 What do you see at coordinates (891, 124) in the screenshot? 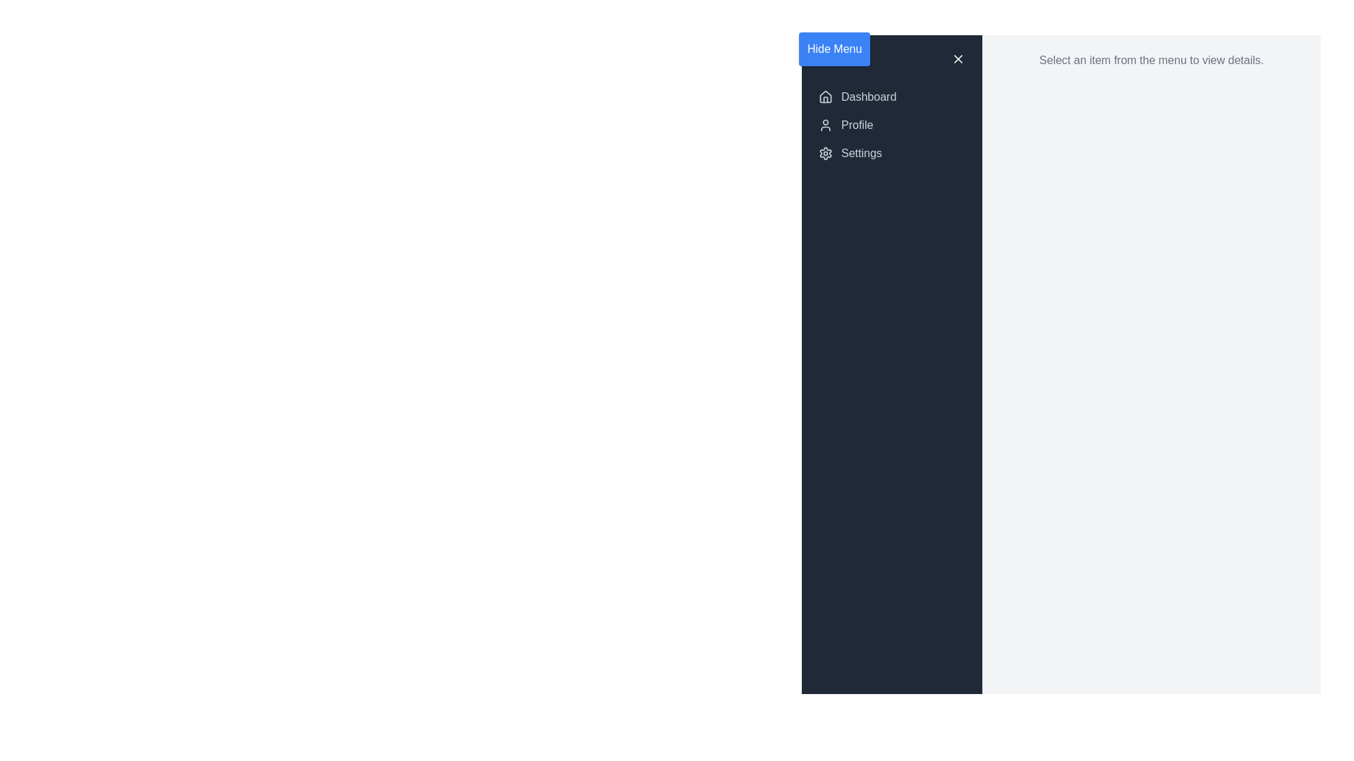
I see `the second item in the vertical navigation menu` at bounding box center [891, 124].